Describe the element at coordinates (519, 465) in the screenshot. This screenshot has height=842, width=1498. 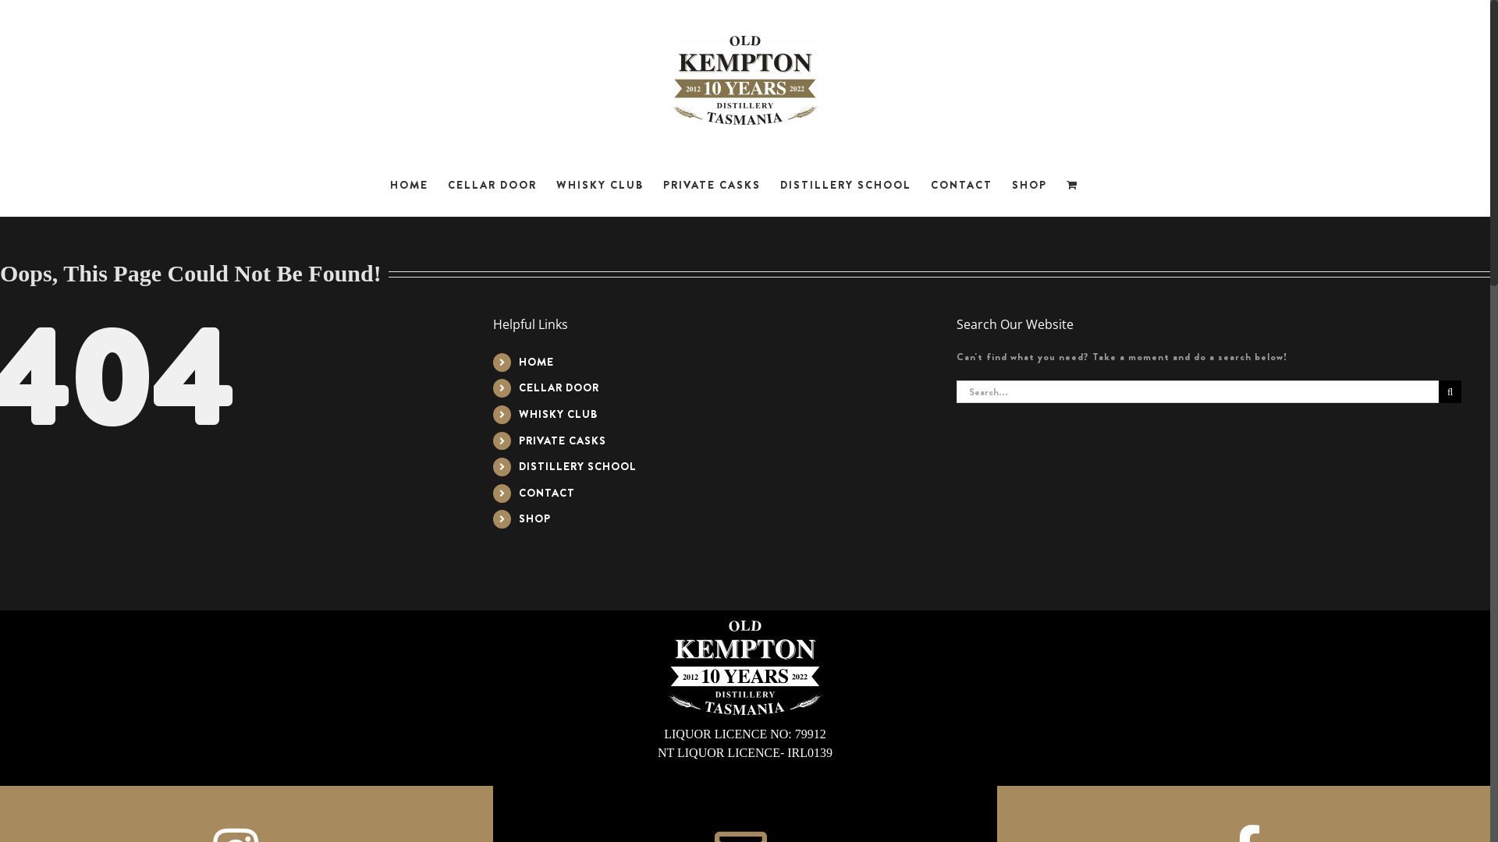
I see `'DISTILLERY SCHOOL'` at that location.